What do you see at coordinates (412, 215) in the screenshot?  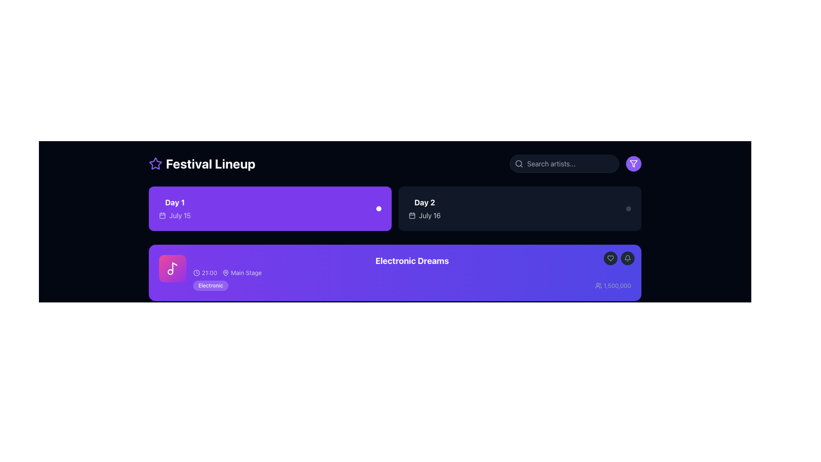 I see `the small calendar icon located to the immediate left of the date text 'July 16' in the 'Day 2' section` at bounding box center [412, 215].